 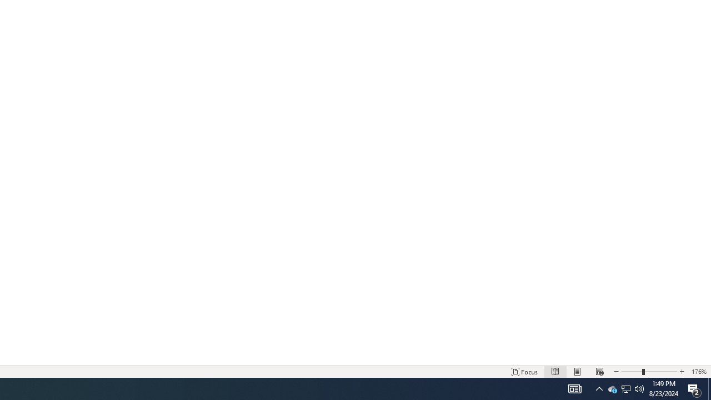 I want to click on 'Zoom Out', so click(x=632, y=372).